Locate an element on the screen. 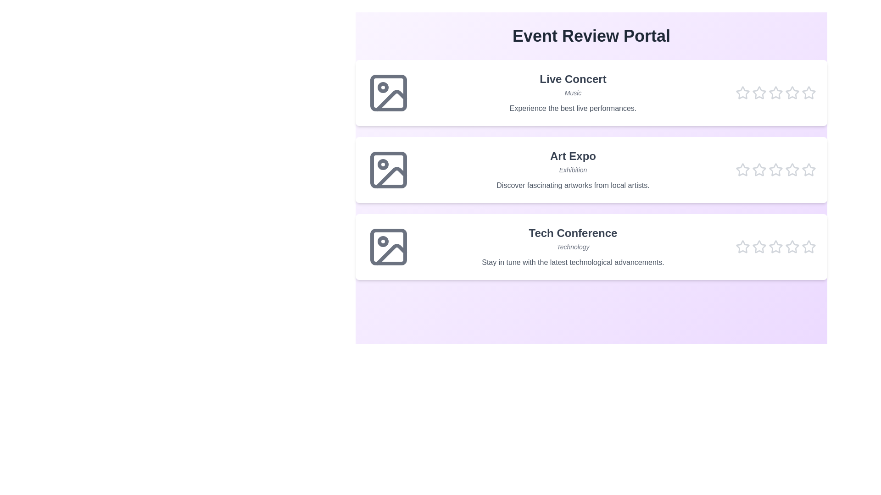 This screenshot has width=881, height=495. the star corresponding to the rating 3 for the event Live Concert is located at coordinates (775, 93).